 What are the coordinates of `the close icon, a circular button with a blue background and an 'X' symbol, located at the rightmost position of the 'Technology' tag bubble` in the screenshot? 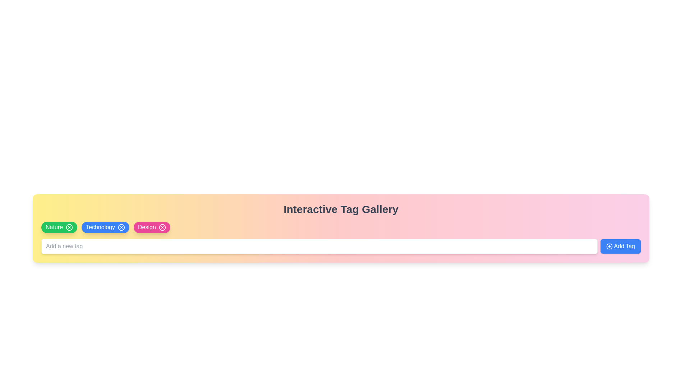 It's located at (121, 227).